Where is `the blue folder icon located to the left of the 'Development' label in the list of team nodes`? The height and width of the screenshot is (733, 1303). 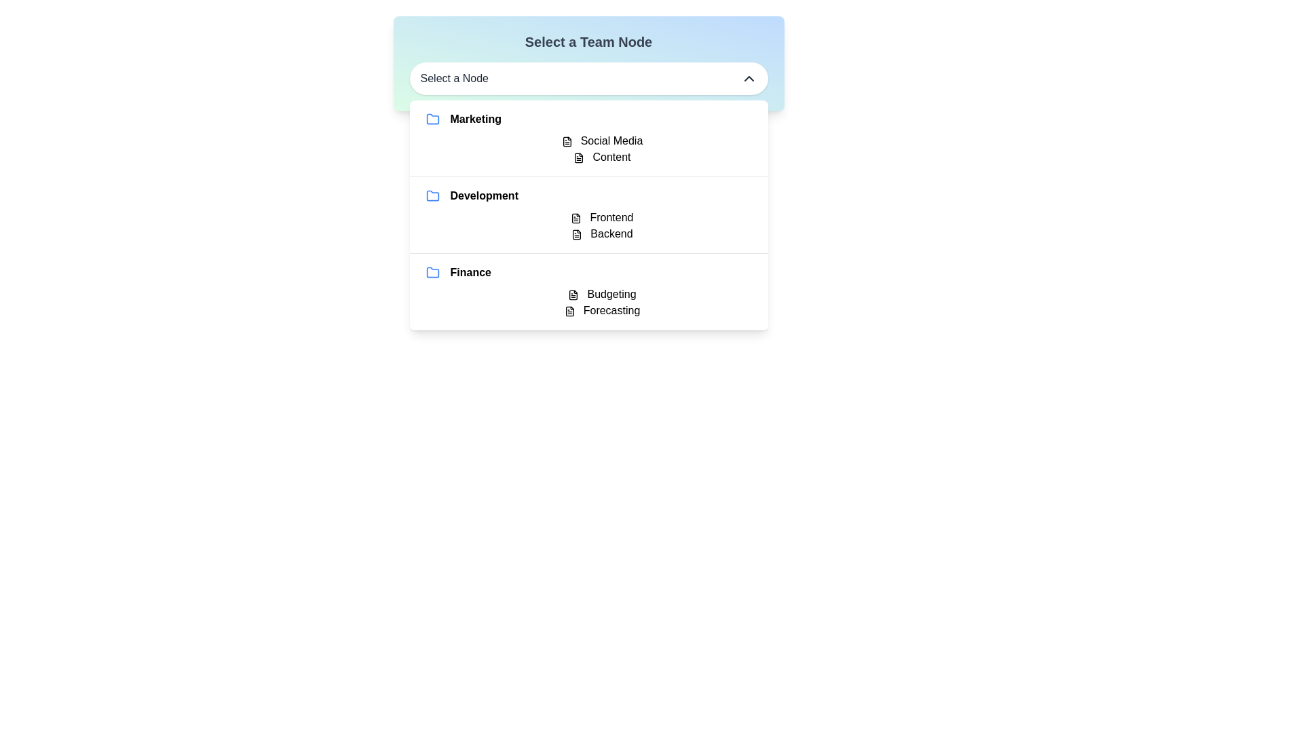 the blue folder icon located to the left of the 'Development' label in the list of team nodes is located at coordinates (432, 196).